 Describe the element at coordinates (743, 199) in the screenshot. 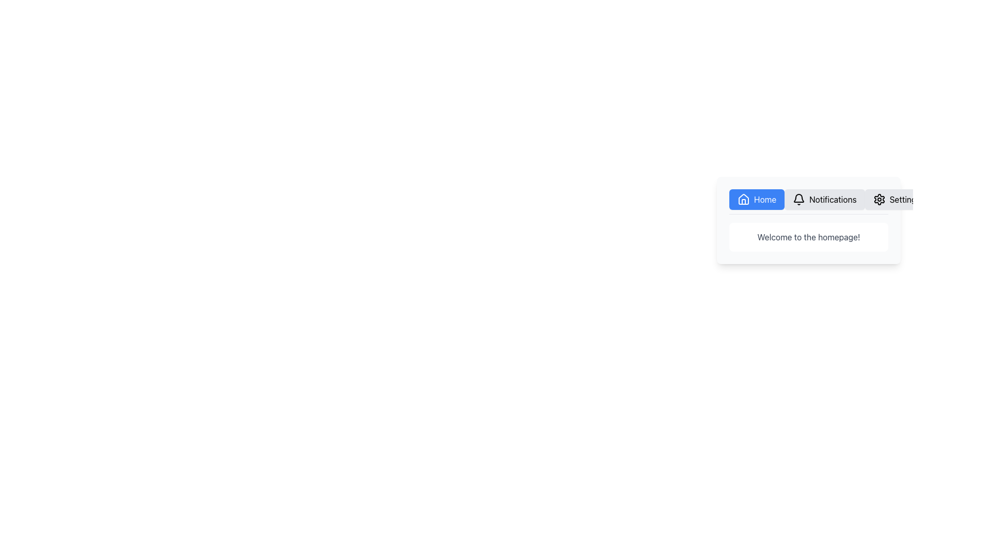

I see `the simplistic house-shaped vector graphic icon located within the blue 'Home' button in the navigation bar` at that location.